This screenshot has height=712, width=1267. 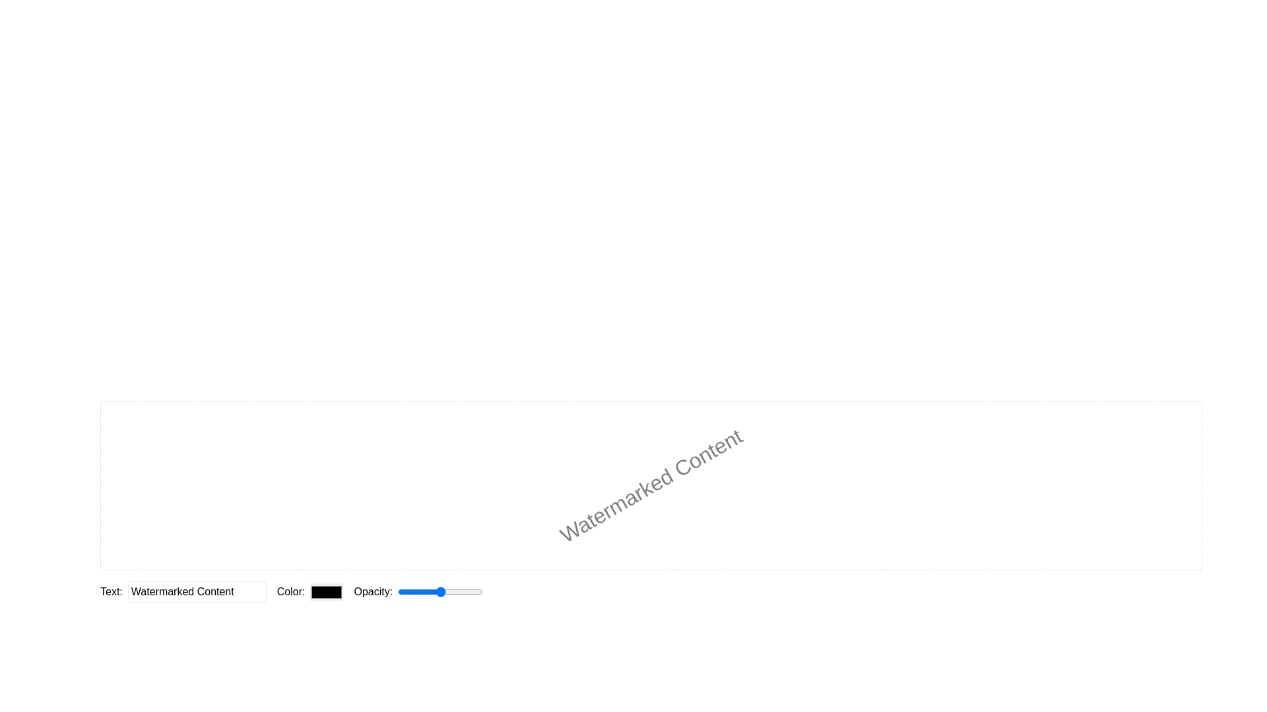 What do you see at coordinates (448, 591) in the screenshot?
I see `opacity` at bounding box center [448, 591].